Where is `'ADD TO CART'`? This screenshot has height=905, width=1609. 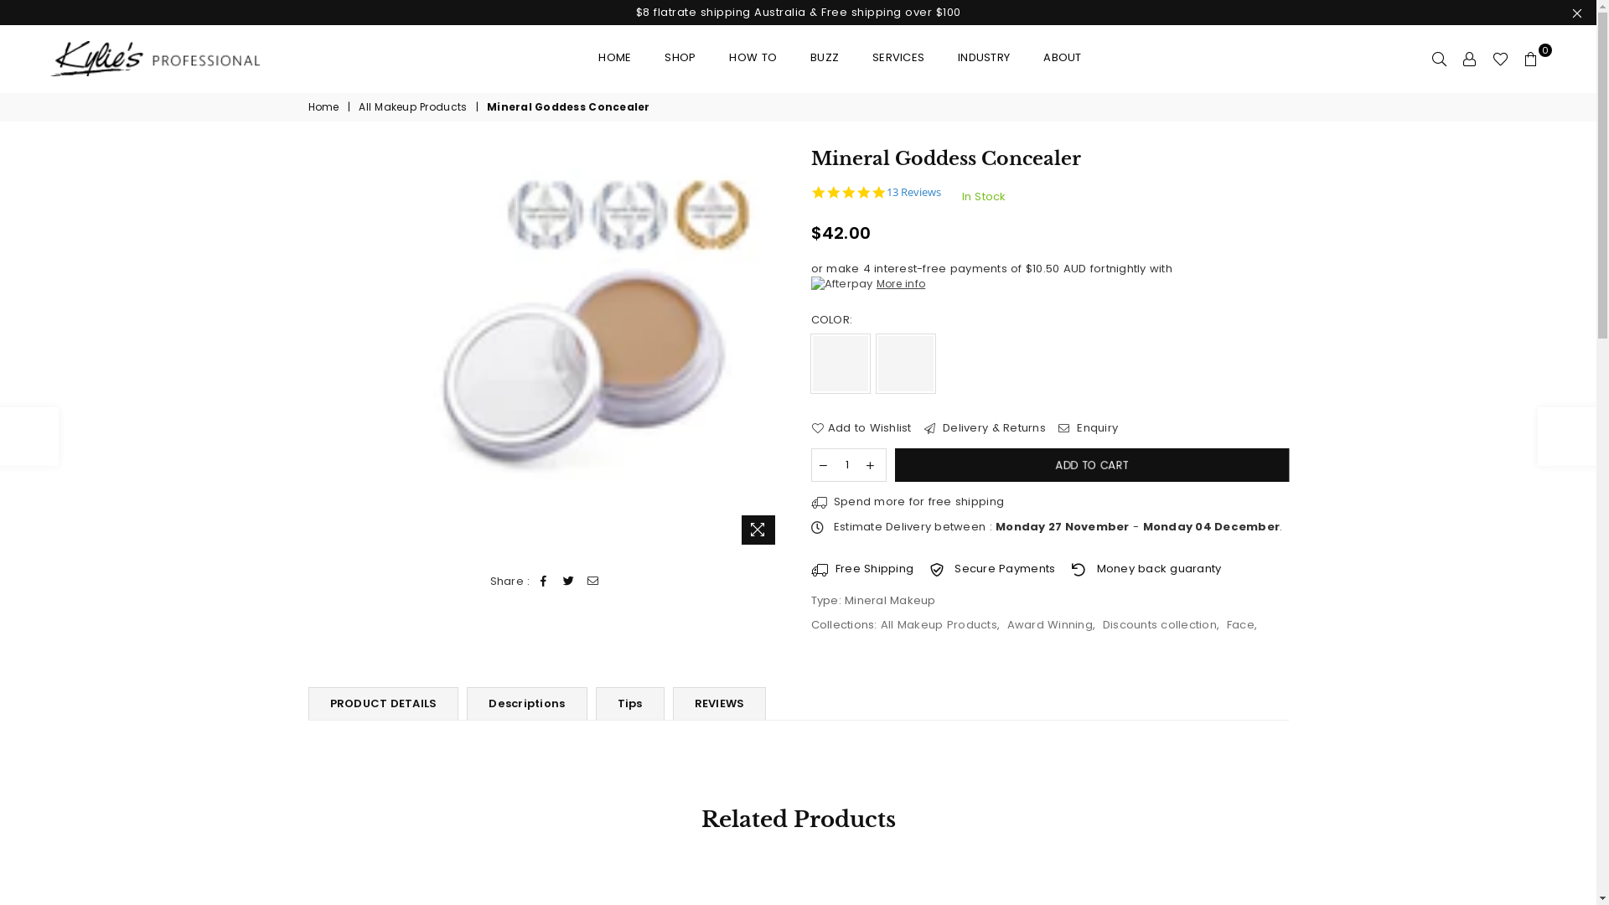 'ADD TO CART' is located at coordinates (1089, 465).